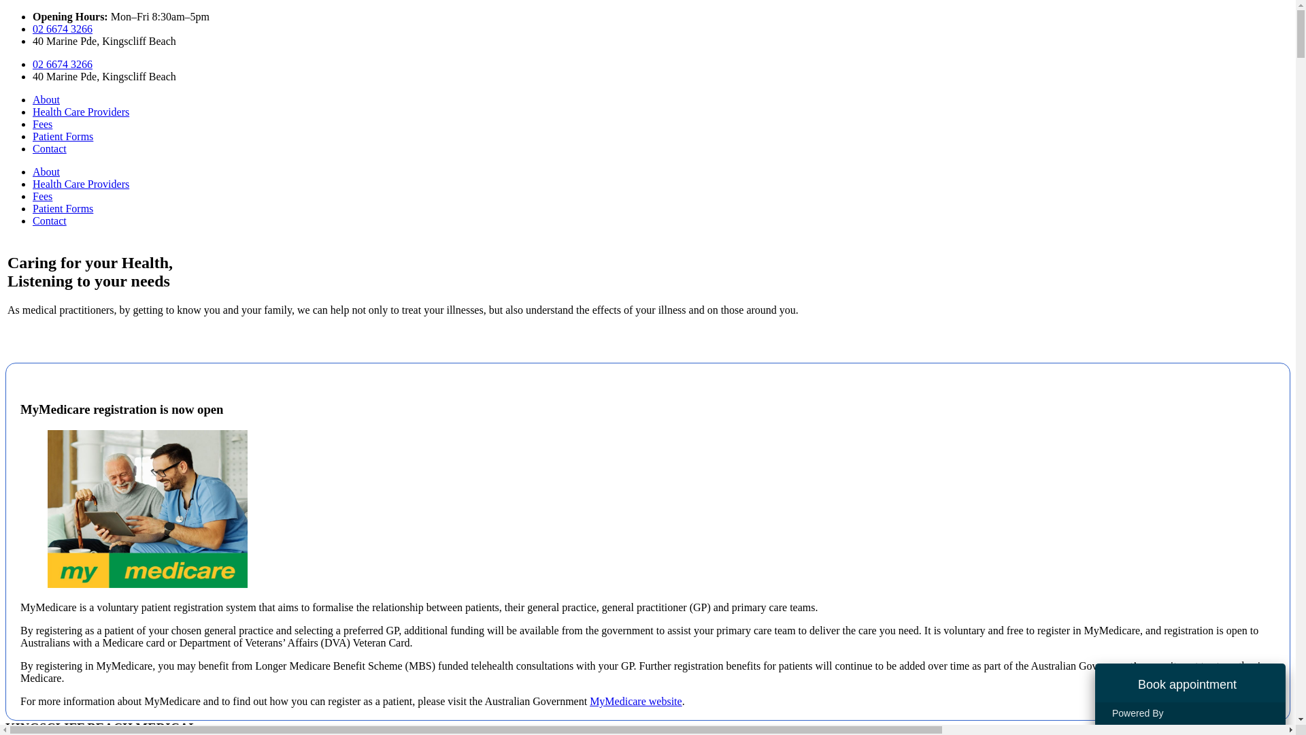 The height and width of the screenshot is (735, 1306). What do you see at coordinates (590, 701) in the screenshot?
I see `'MyMedicare website'` at bounding box center [590, 701].